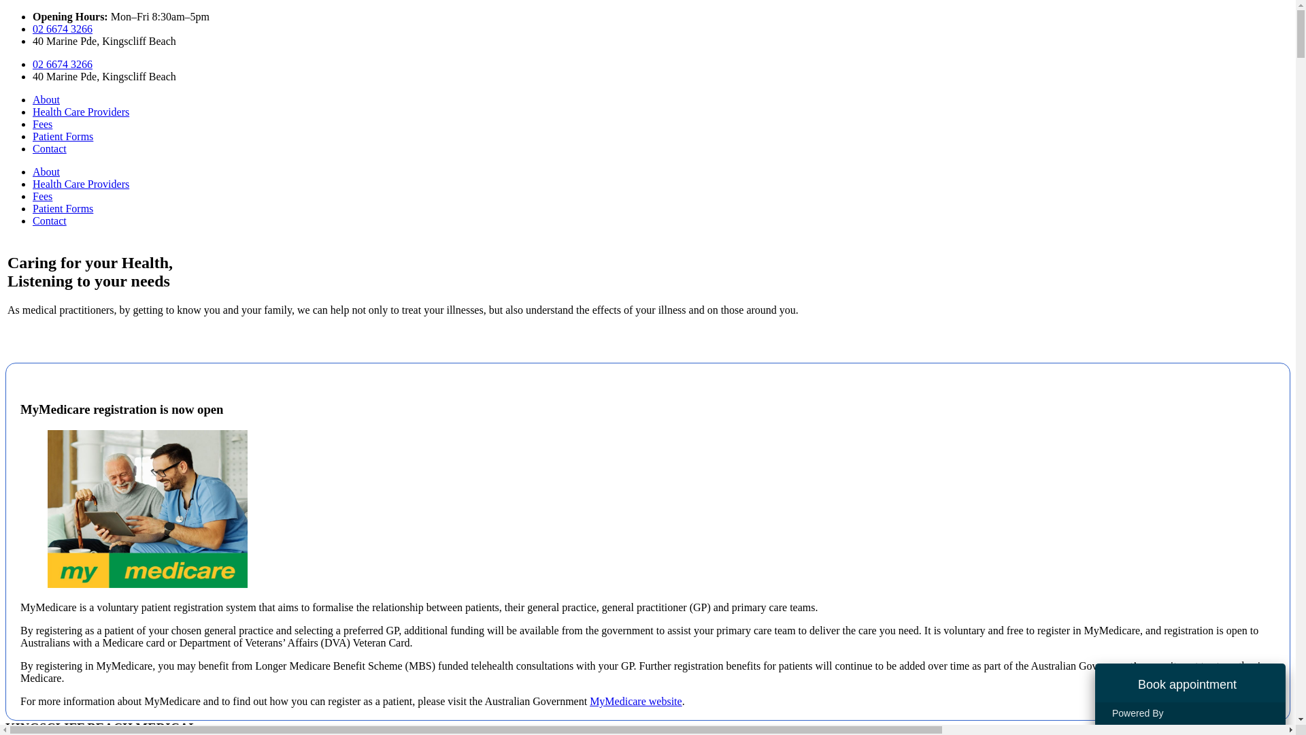 The height and width of the screenshot is (735, 1306). What do you see at coordinates (590, 701) in the screenshot?
I see `'MyMedicare website'` at bounding box center [590, 701].